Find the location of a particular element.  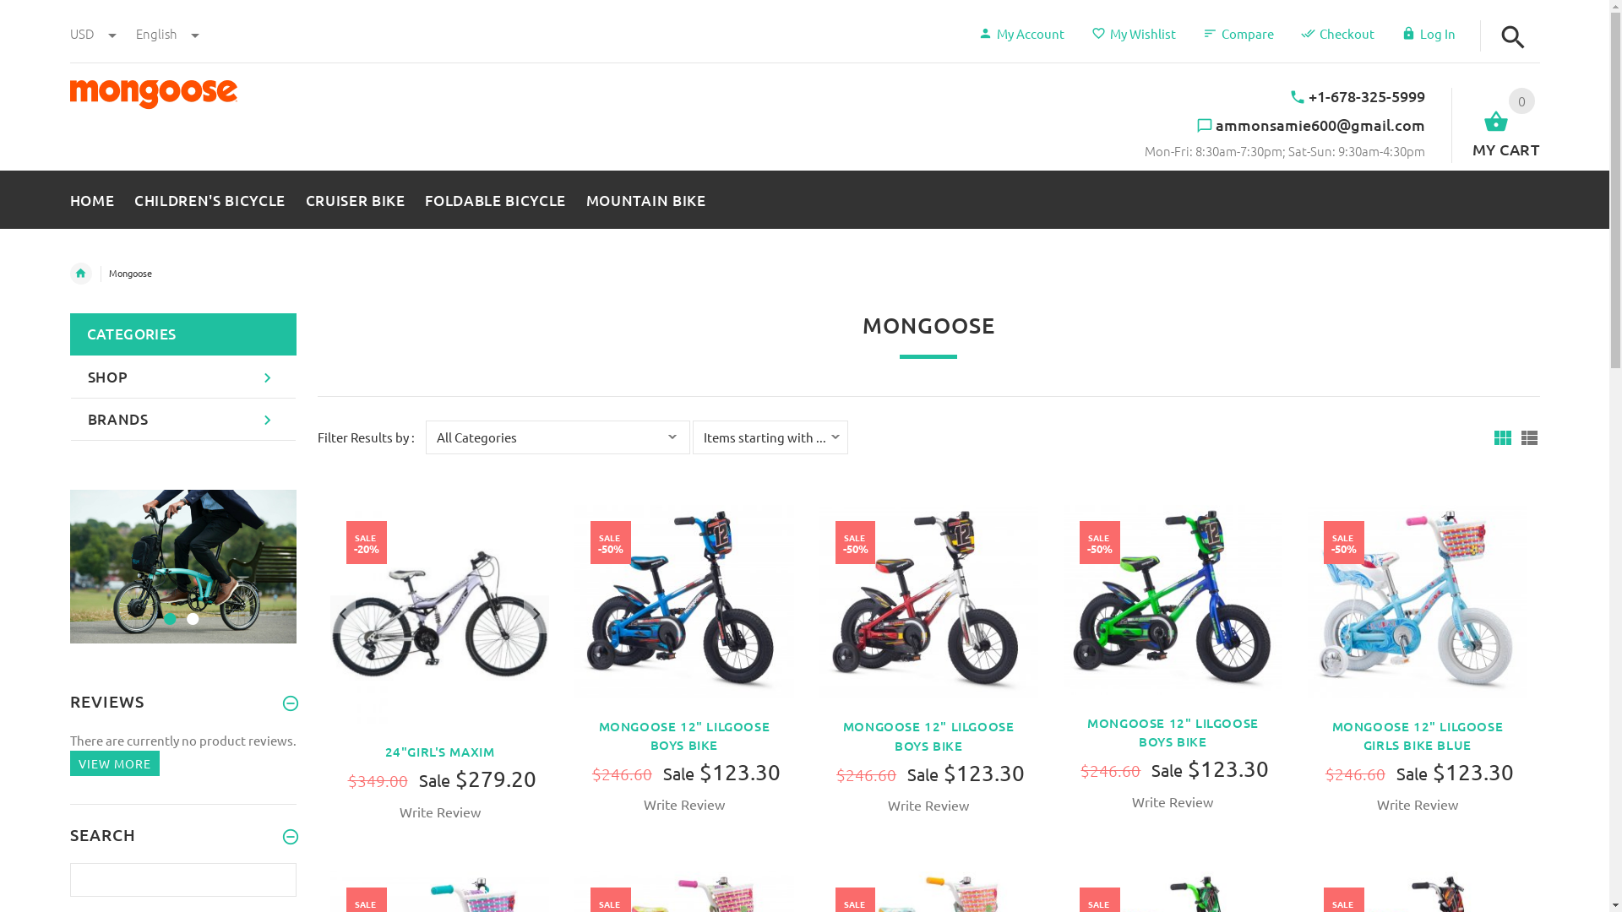

'HOME' is located at coordinates (95, 195).